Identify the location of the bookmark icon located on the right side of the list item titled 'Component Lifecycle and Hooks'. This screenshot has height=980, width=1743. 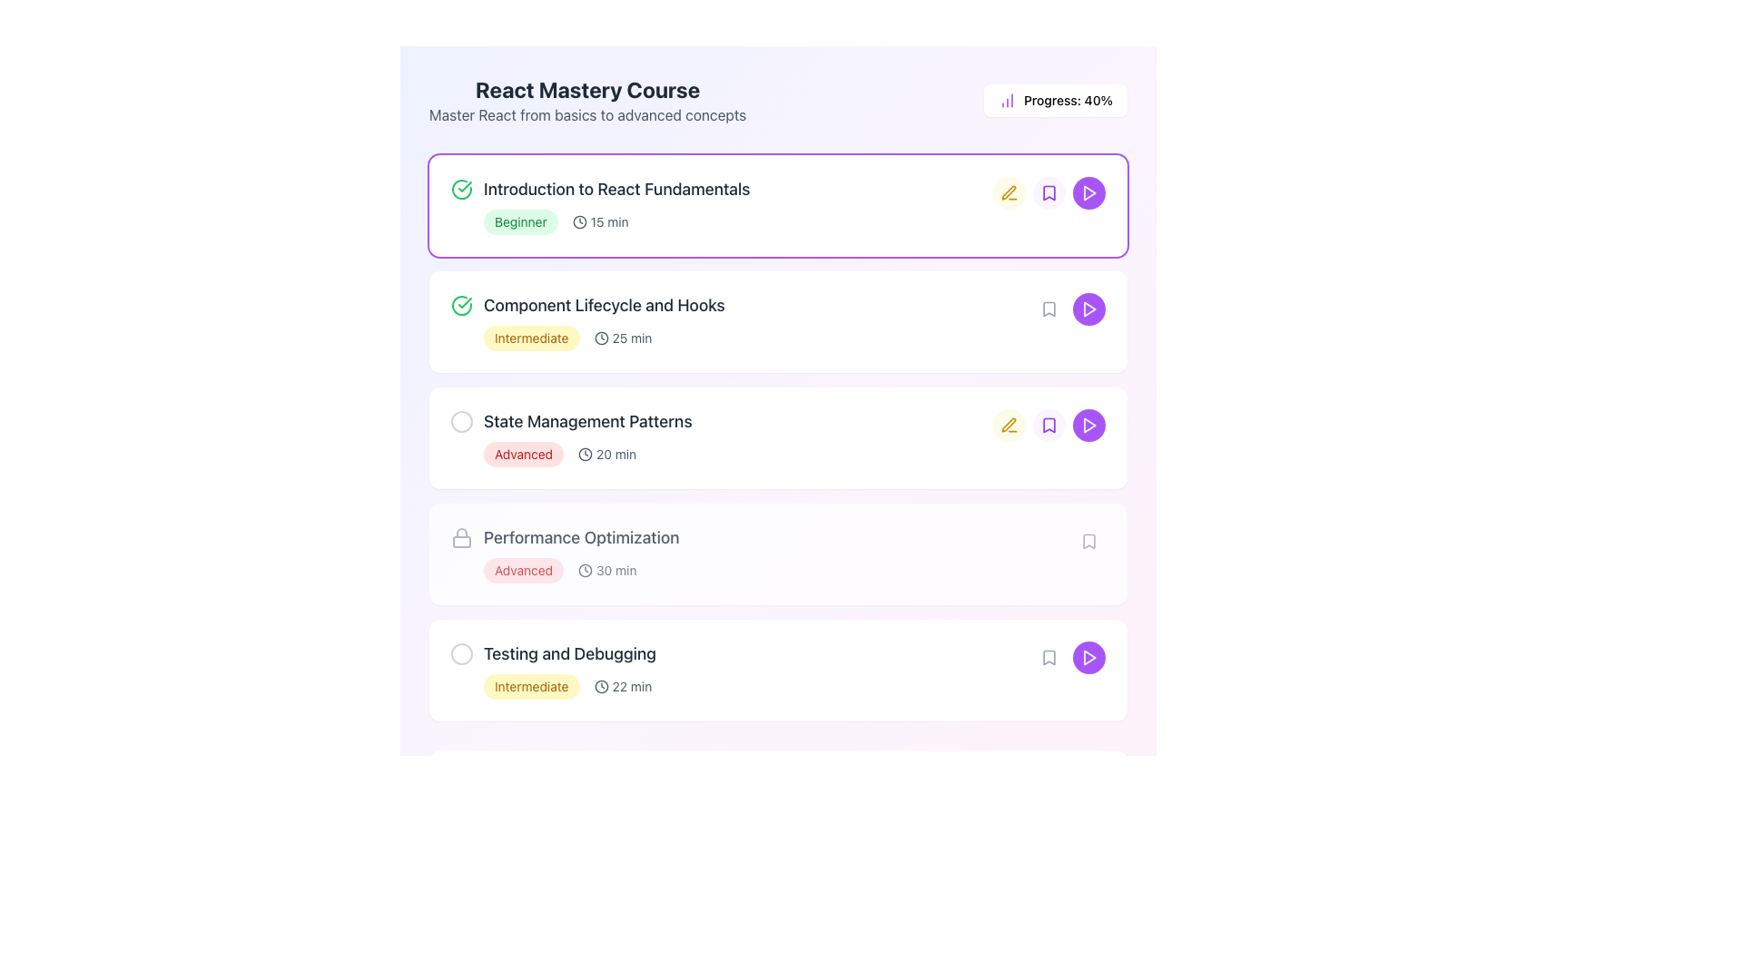
(1049, 308).